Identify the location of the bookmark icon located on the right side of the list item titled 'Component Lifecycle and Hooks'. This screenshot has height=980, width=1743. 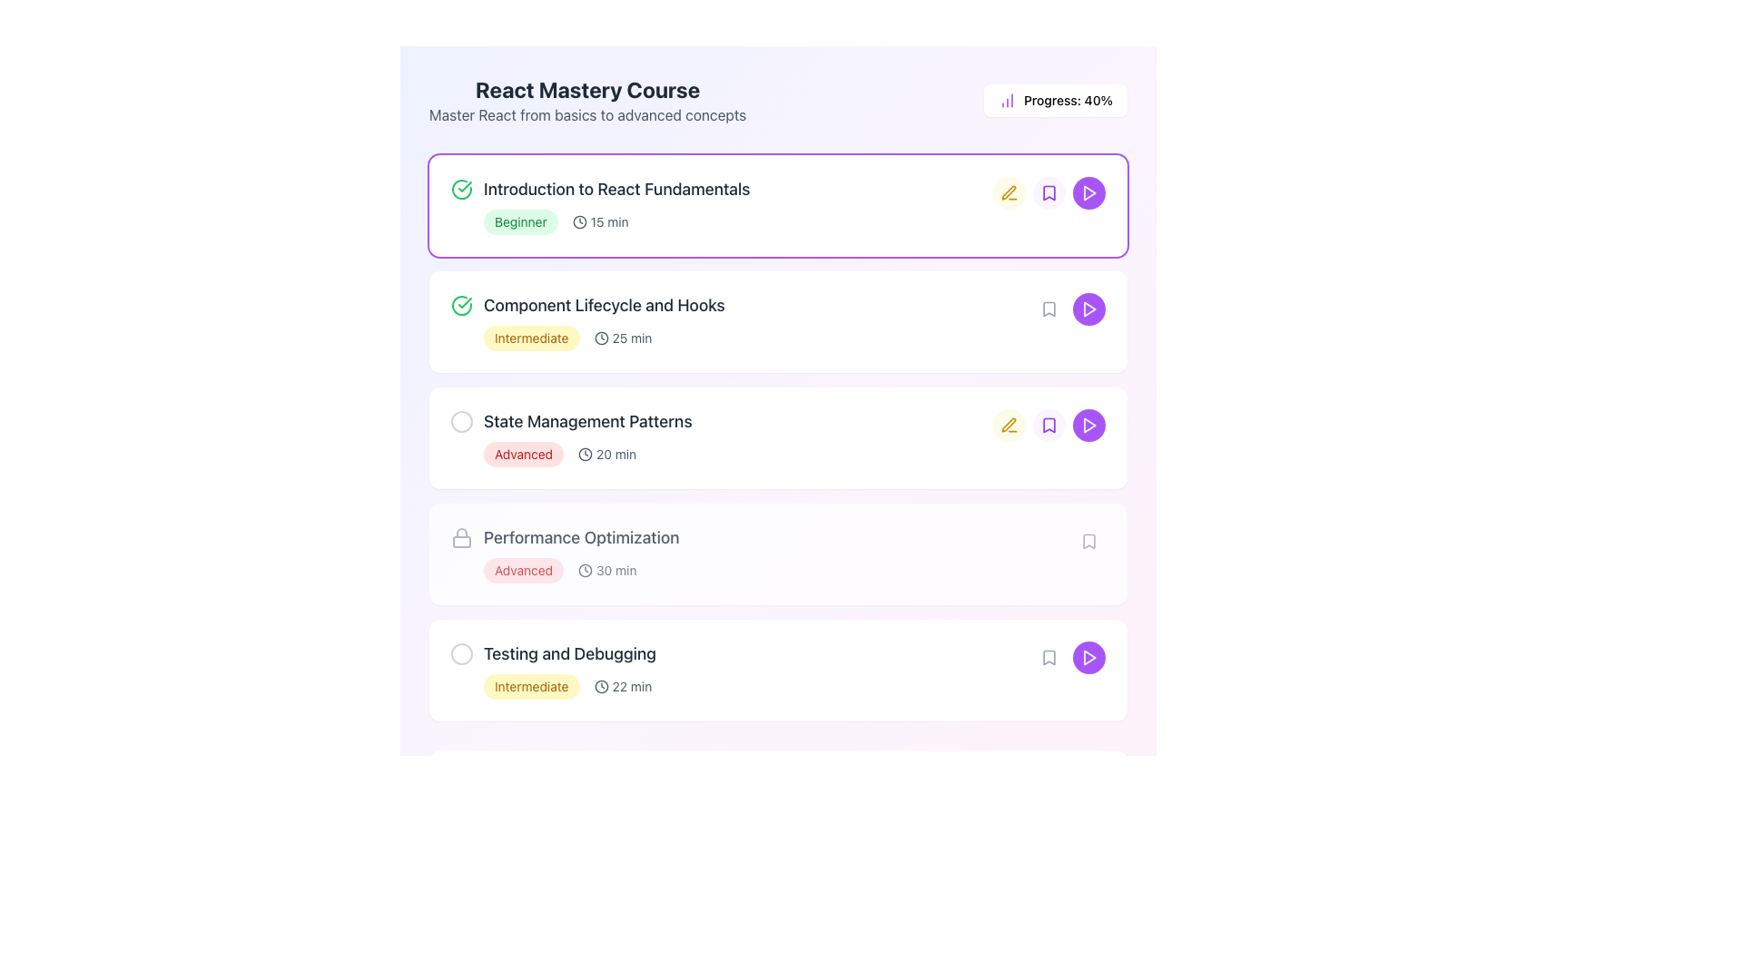
(1049, 308).